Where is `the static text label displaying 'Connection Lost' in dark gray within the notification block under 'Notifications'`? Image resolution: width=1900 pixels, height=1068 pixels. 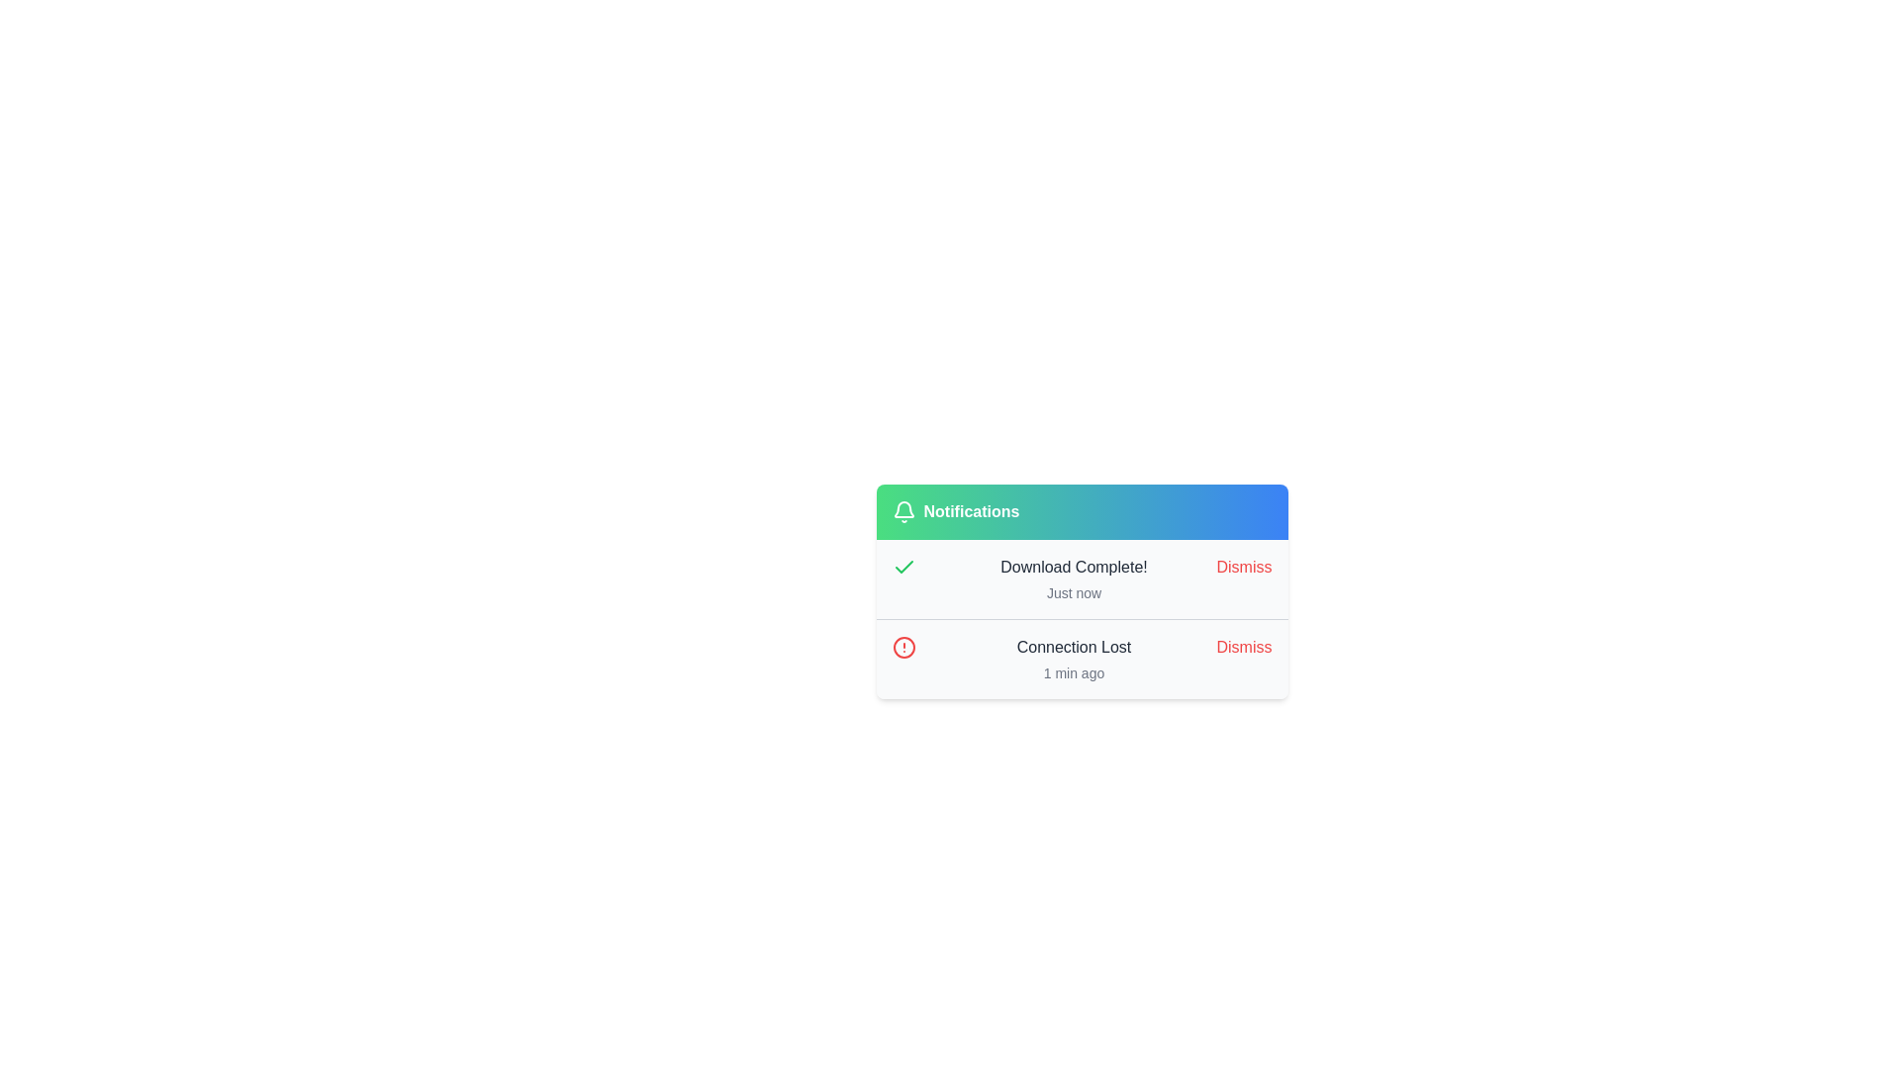 the static text label displaying 'Connection Lost' in dark gray within the notification block under 'Notifications' is located at coordinates (1073, 648).